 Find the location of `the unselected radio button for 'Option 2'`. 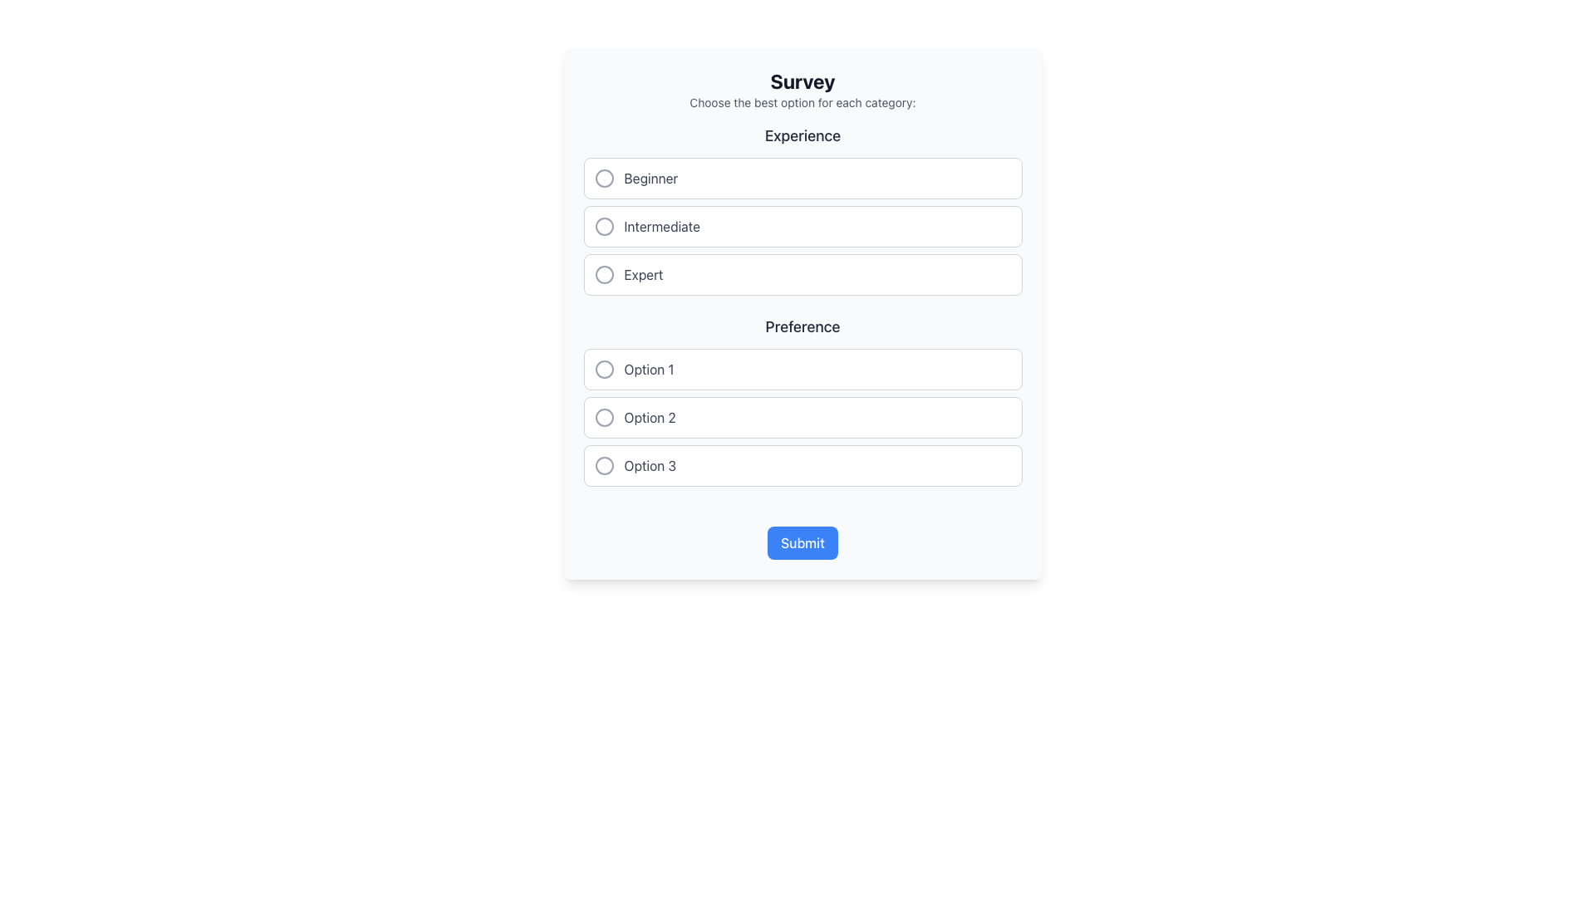

the unselected radio button for 'Option 2' is located at coordinates (603, 416).